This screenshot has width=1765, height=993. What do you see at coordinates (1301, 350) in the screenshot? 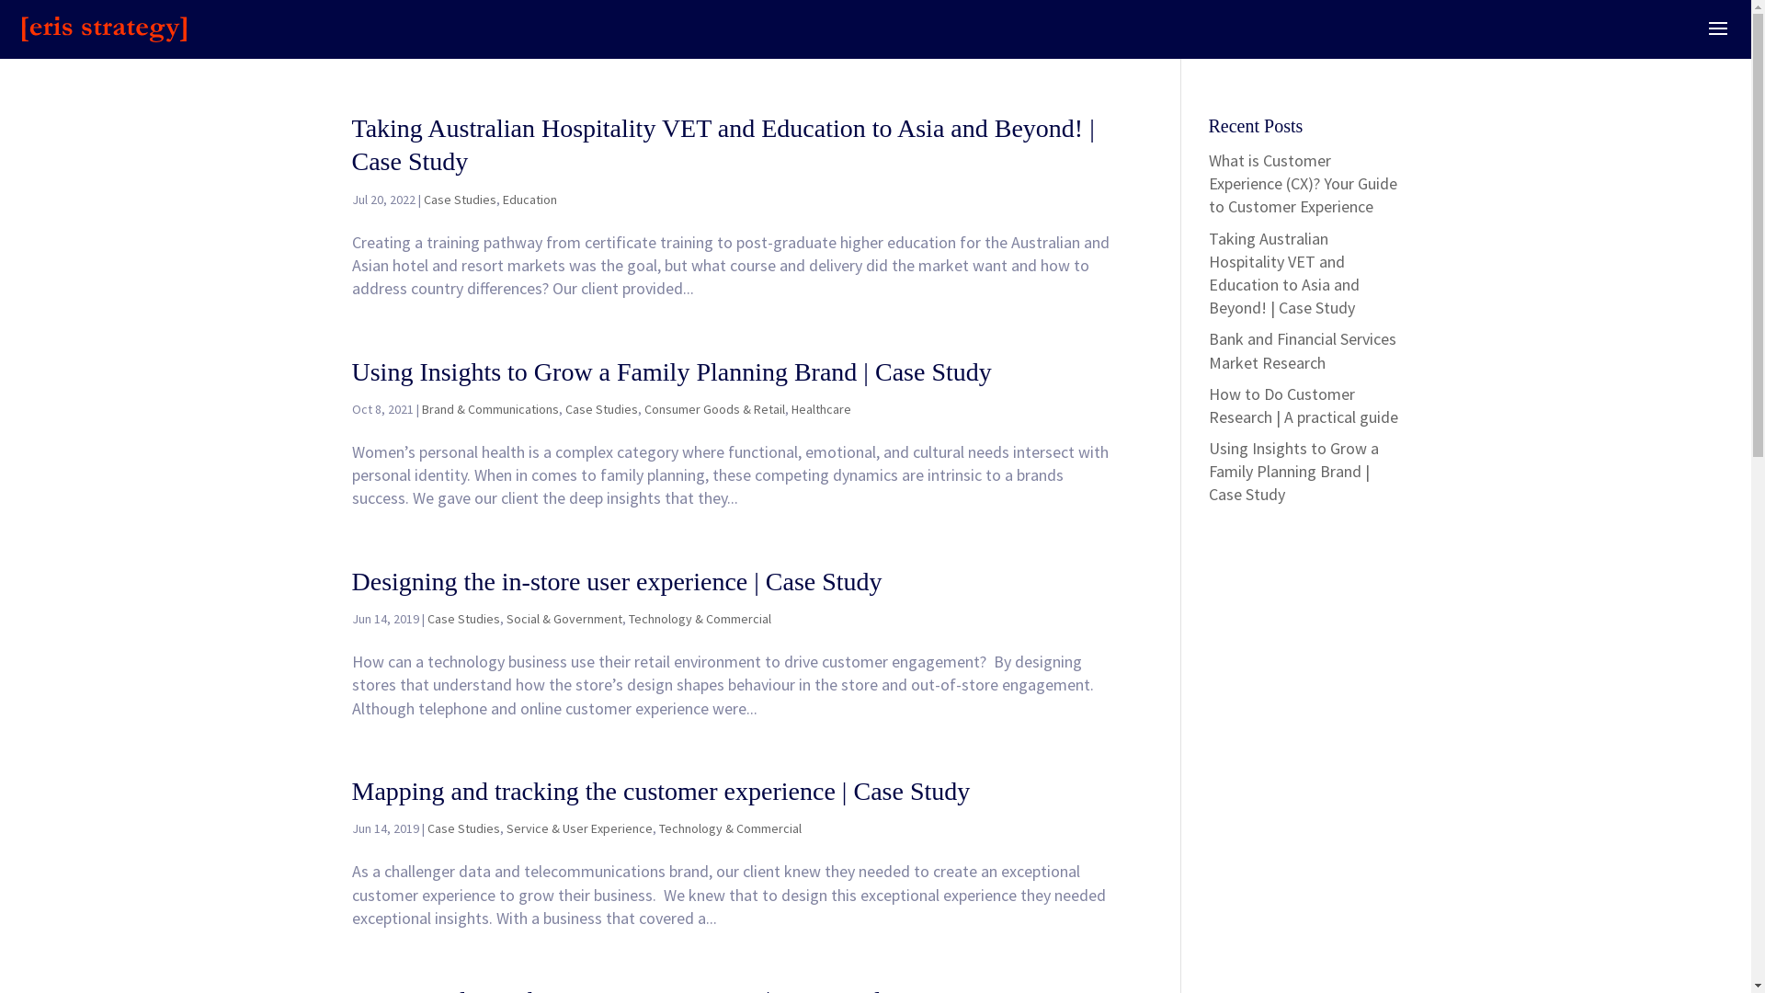
I see `'Bank and Financial Services Market Research'` at bounding box center [1301, 350].